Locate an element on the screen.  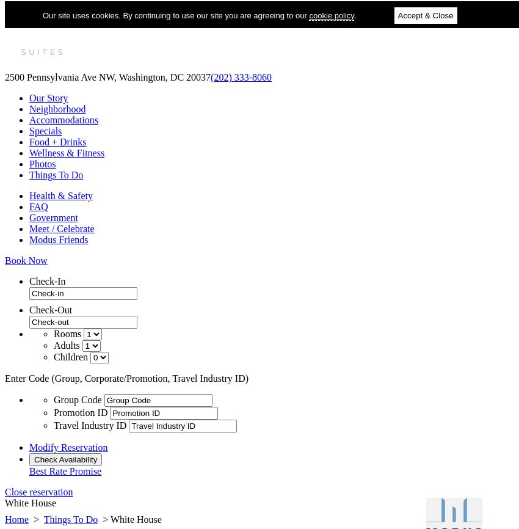
'(202) 333-8060' is located at coordinates (210, 77).